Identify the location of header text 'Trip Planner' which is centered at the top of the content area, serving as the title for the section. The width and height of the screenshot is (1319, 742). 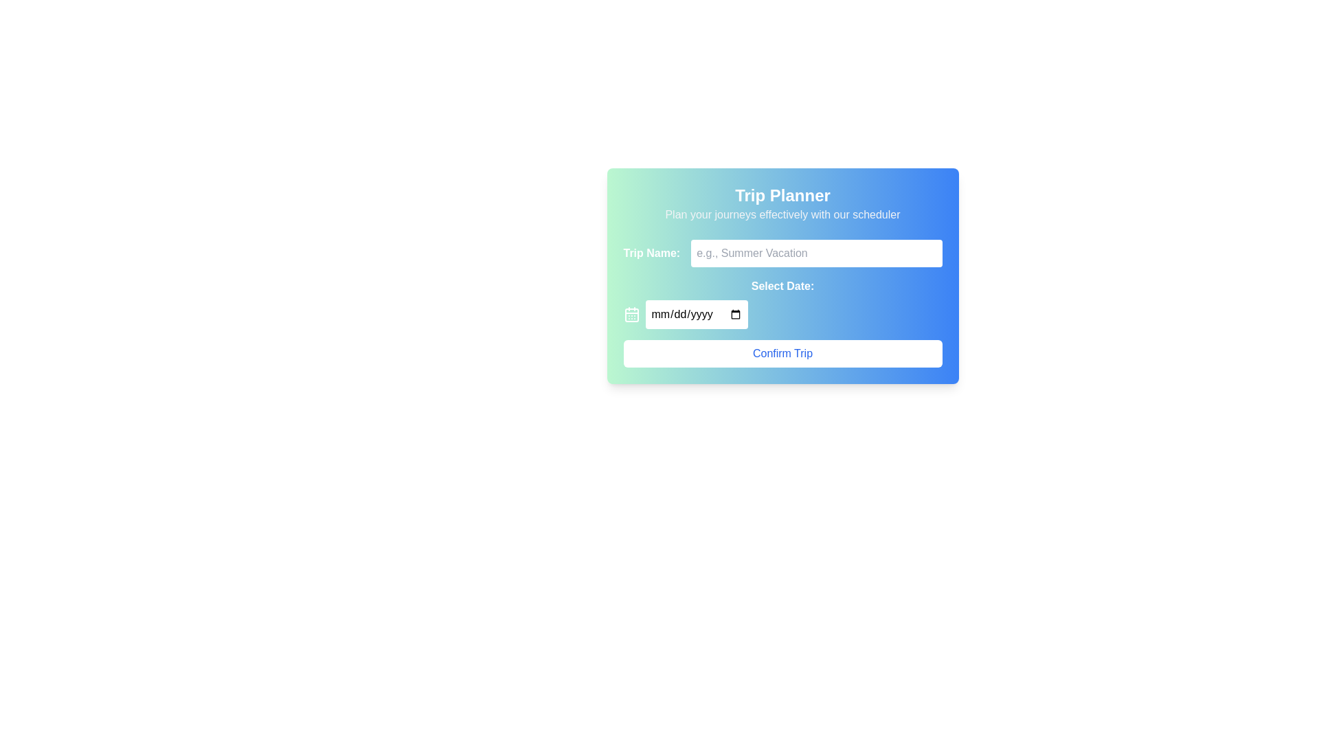
(782, 196).